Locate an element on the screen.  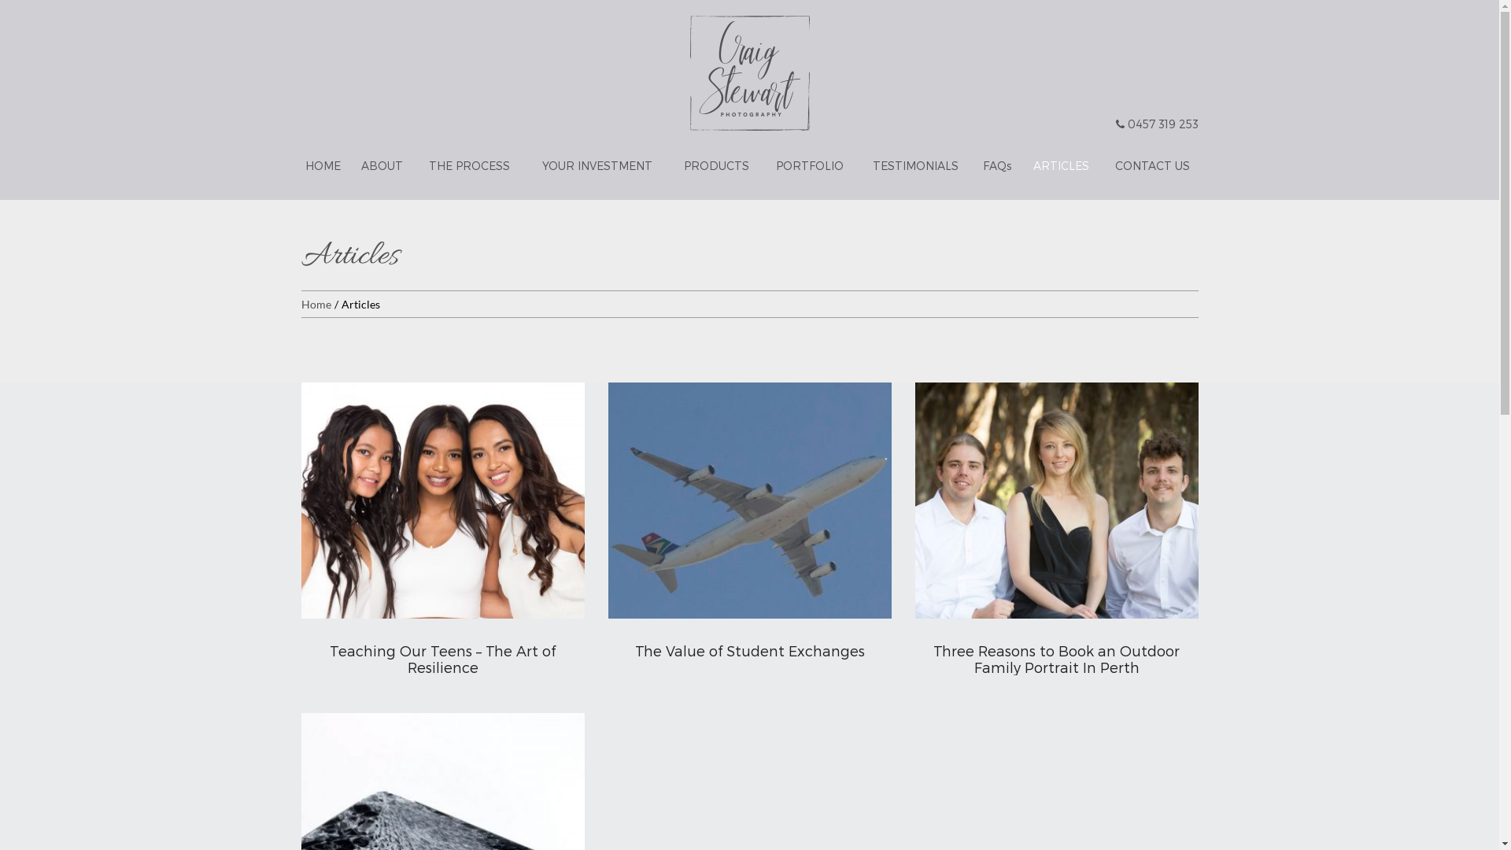
'TESTIMONIALS' is located at coordinates (914, 166).